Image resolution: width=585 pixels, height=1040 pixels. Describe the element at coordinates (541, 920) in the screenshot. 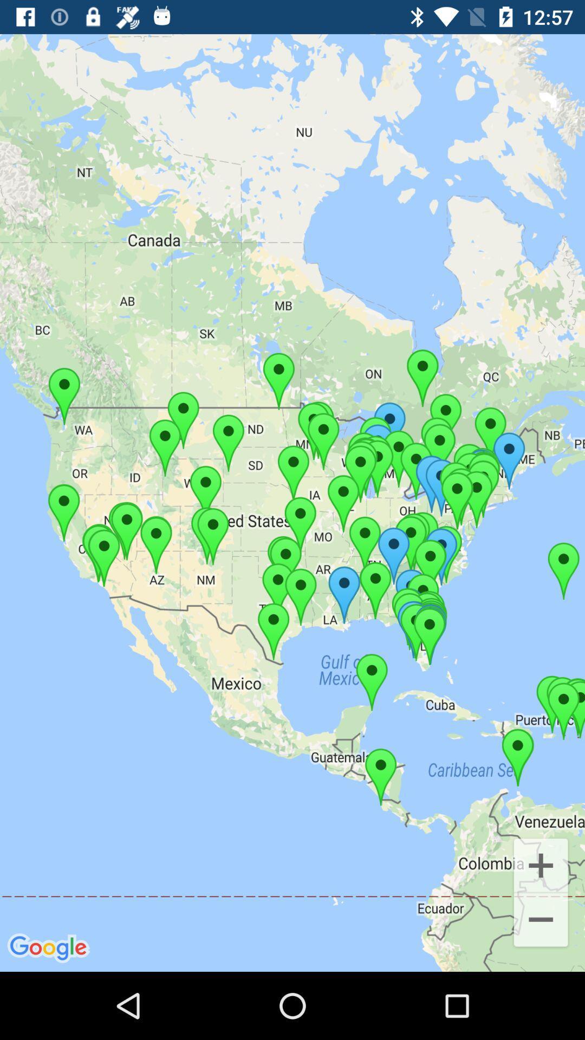

I see `the minus icon` at that location.